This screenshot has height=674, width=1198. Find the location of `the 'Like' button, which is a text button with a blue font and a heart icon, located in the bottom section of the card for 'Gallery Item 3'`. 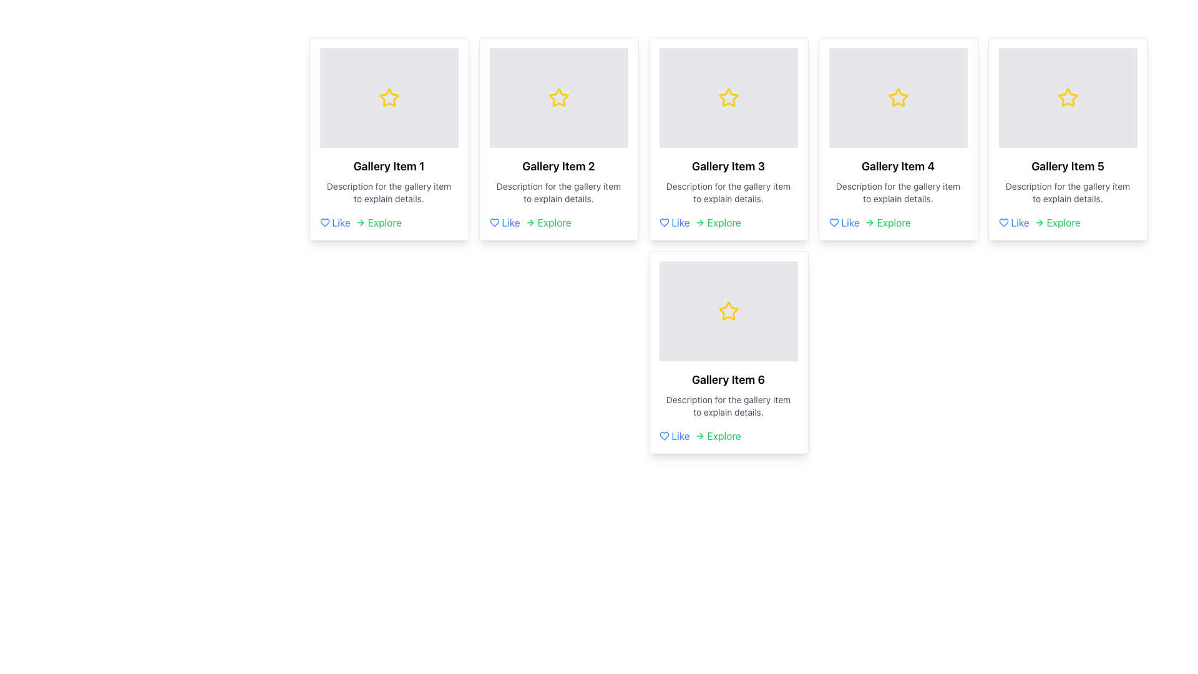

the 'Like' button, which is a text button with a blue font and a heart icon, located in the bottom section of the card for 'Gallery Item 3' is located at coordinates (674, 222).